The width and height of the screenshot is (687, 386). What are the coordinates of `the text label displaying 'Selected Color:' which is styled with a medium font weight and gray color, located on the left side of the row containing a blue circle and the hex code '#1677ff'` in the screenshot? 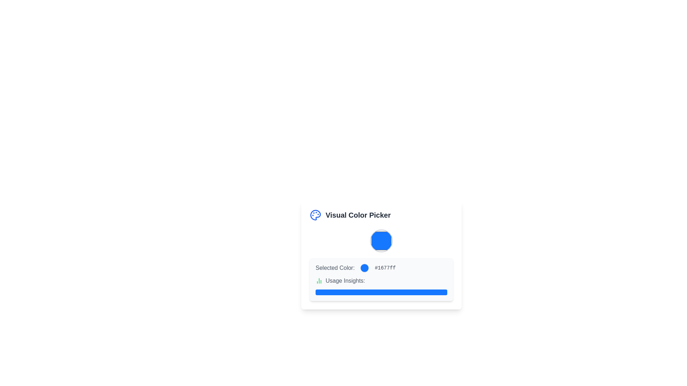 It's located at (335, 268).